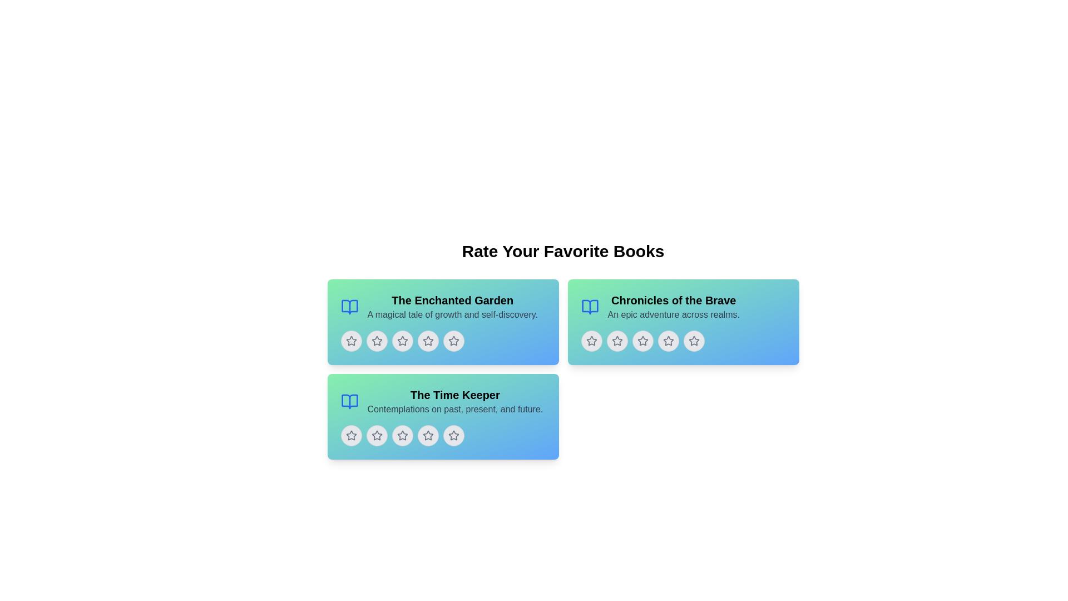 Image resolution: width=1068 pixels, height=601 pixels. Describe the element at coordinates (693, 340) in the screenshot. I see `the fifth star rating icon located in the second row beneath the 'Chronicles of the Brave' header` at that location.